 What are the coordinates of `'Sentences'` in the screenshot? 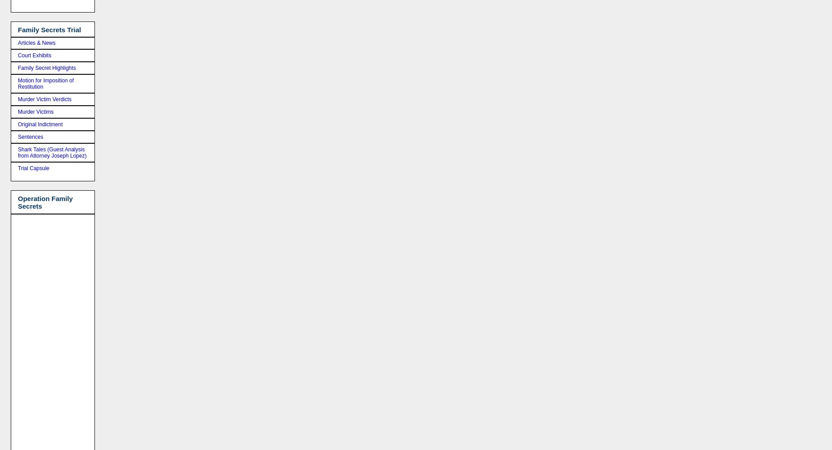 It's located at (30, 137).